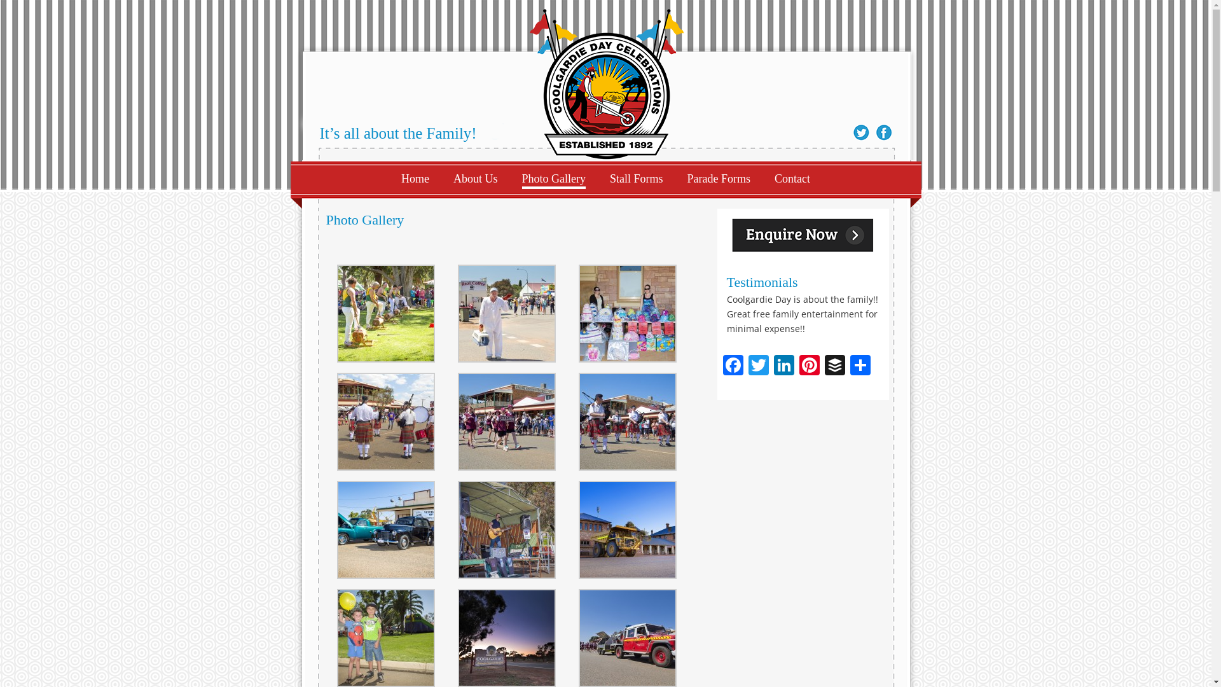 This screenshot has width=1221, height=687. I want to click on 'Coolgardie Day', so click(605, 80).